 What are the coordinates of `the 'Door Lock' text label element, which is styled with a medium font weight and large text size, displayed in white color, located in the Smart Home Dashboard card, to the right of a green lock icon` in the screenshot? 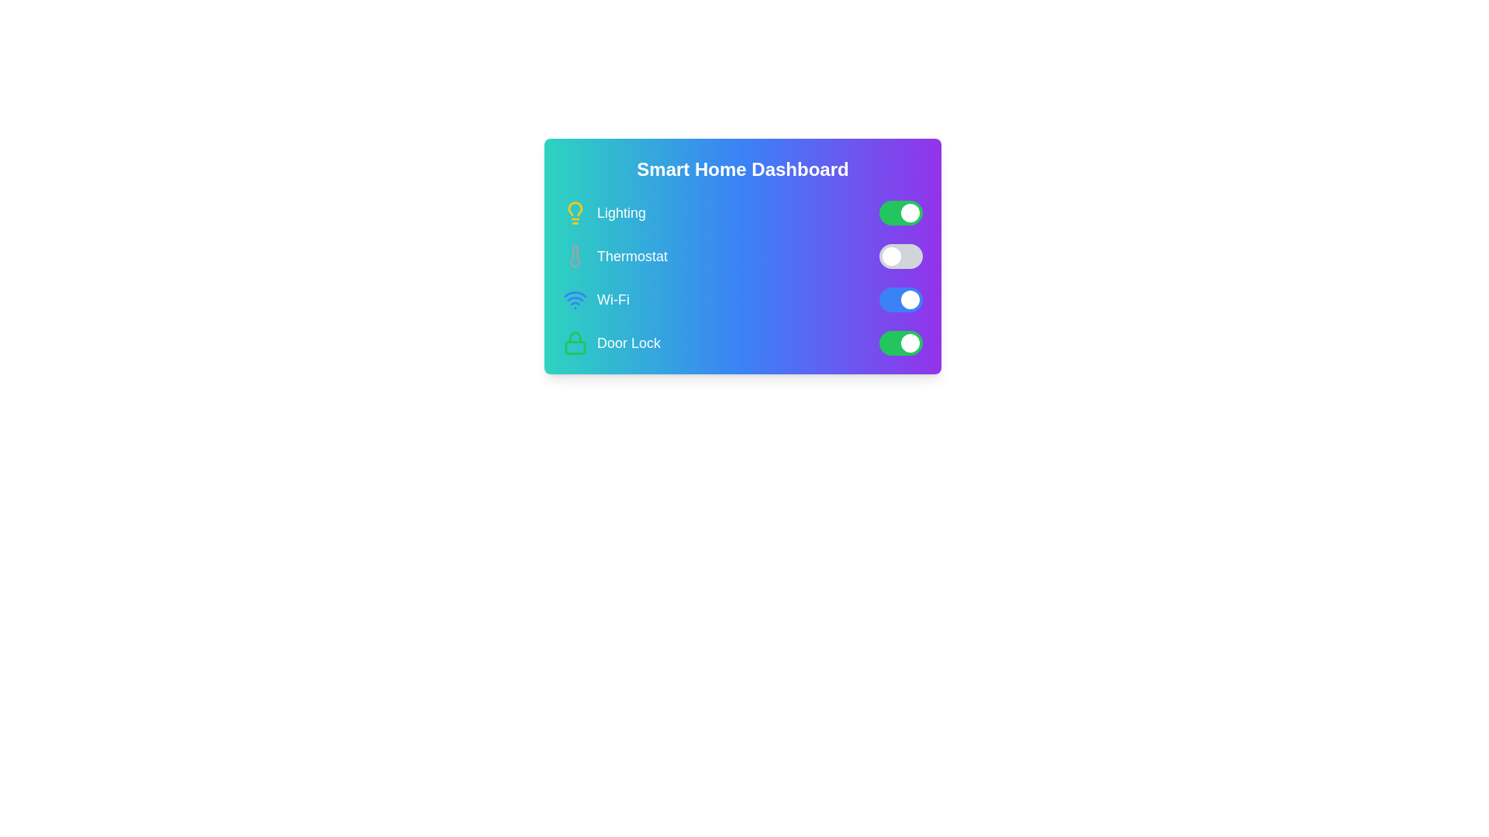 It's located at (629, 343).